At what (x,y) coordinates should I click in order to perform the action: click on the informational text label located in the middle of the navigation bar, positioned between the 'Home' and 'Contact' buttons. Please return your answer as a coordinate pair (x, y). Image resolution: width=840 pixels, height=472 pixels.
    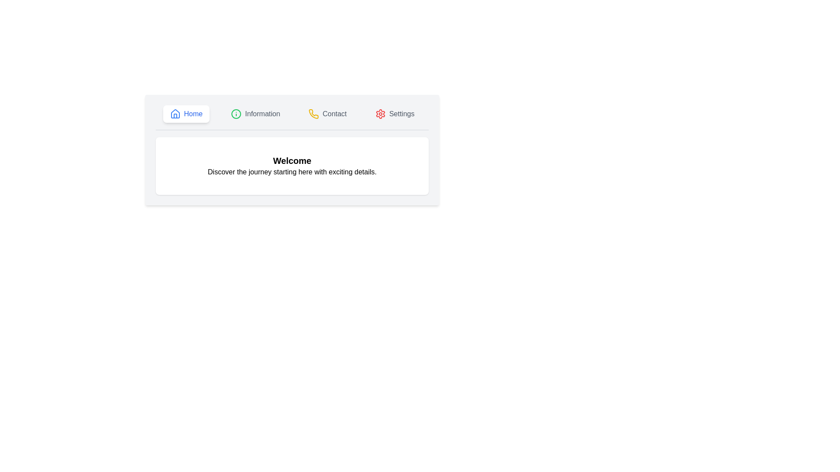
    Looking at the image, I should click on (262, 114).